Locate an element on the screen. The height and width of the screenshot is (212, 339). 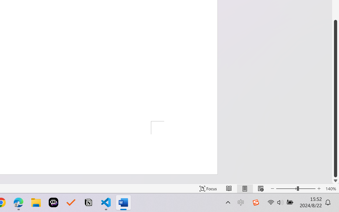
'Zoom In' is located at coordinates (319, 188).